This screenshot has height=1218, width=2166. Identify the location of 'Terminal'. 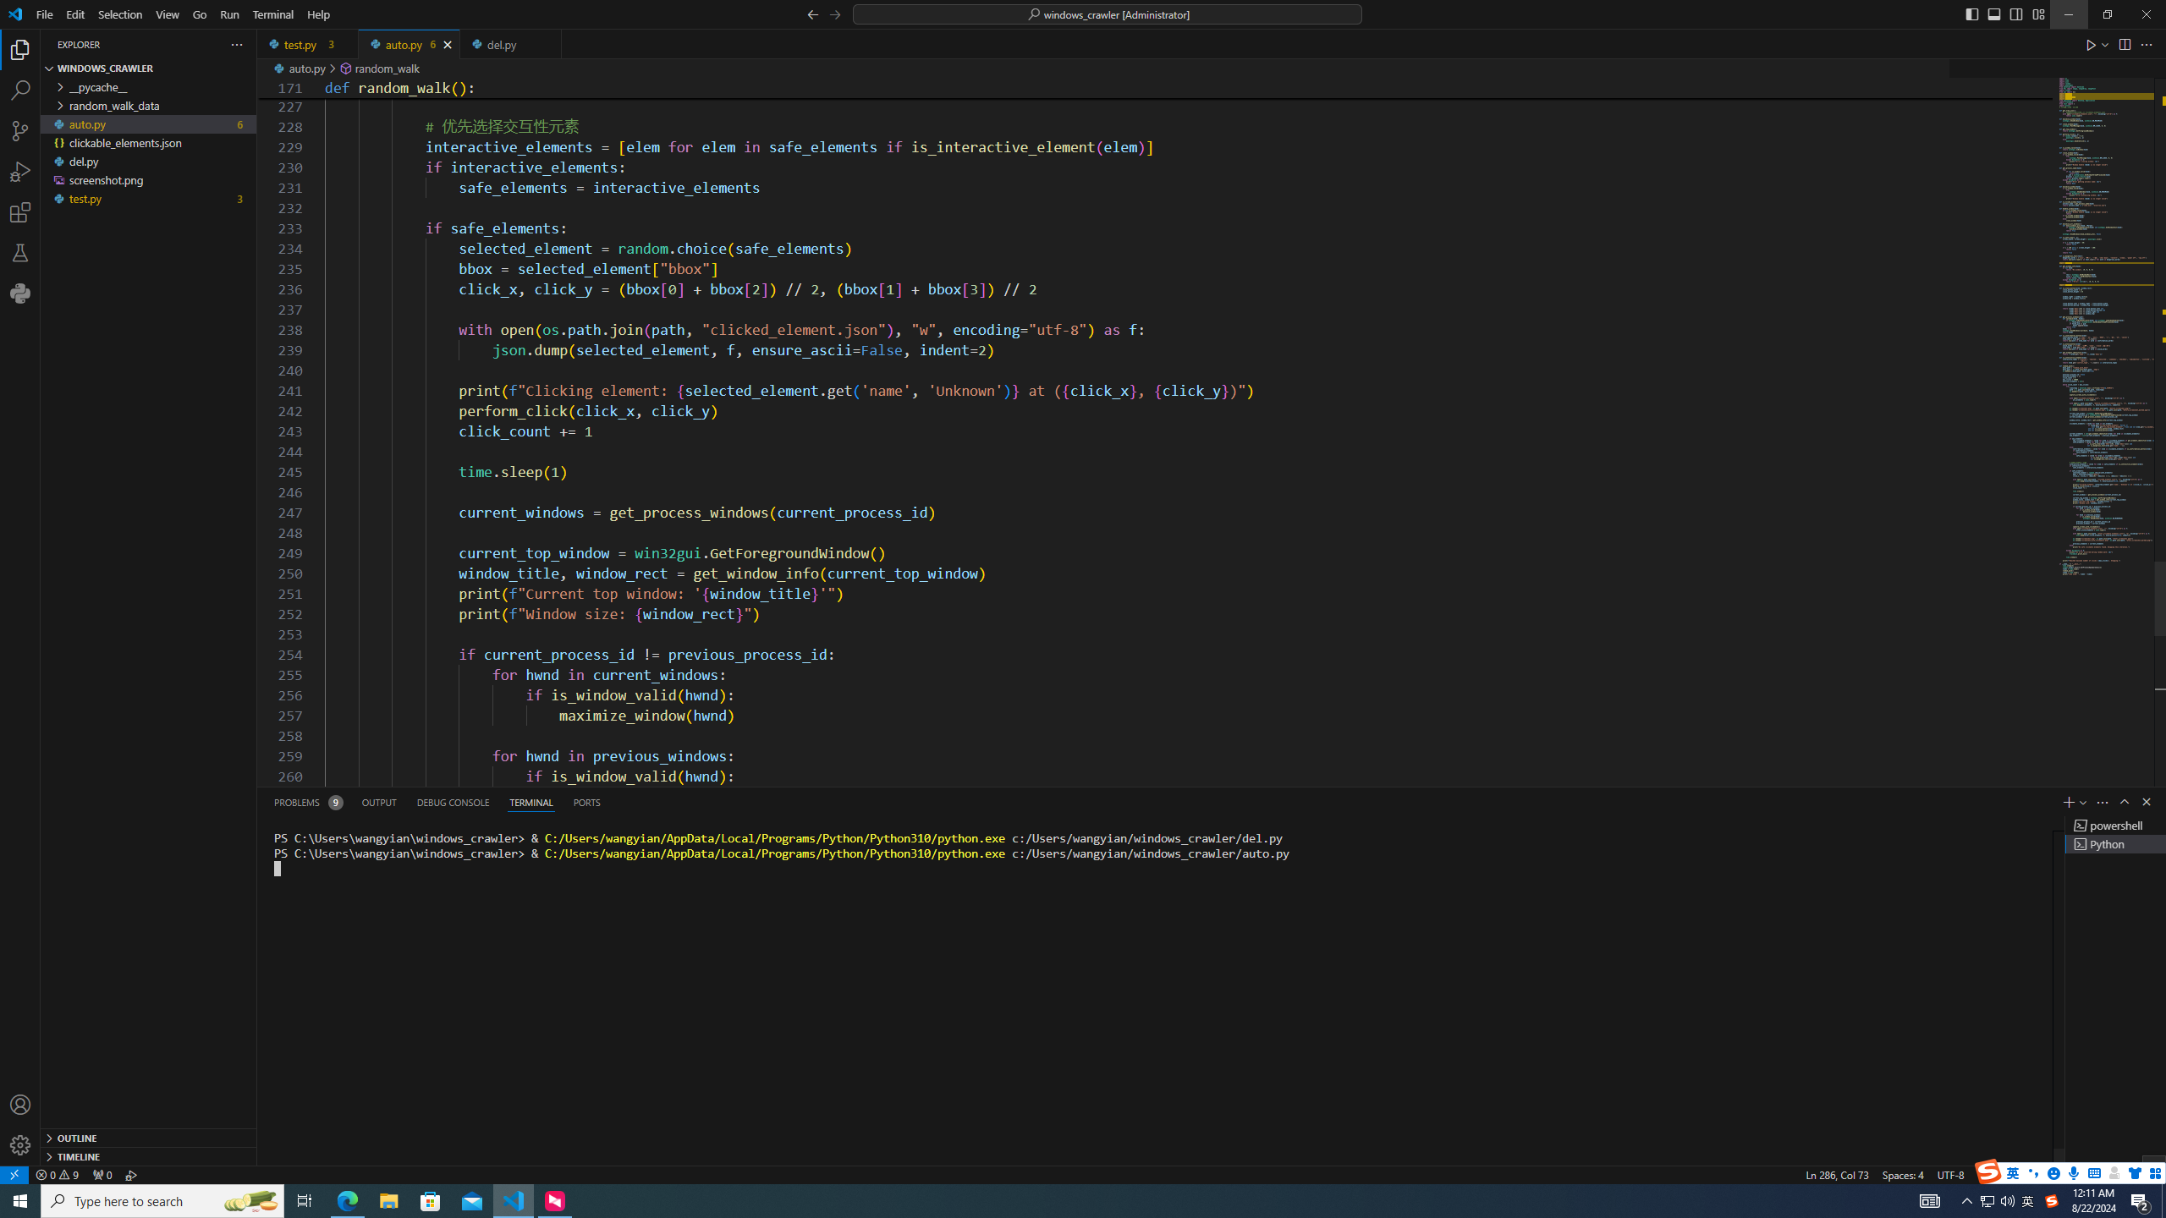
(272, 14).